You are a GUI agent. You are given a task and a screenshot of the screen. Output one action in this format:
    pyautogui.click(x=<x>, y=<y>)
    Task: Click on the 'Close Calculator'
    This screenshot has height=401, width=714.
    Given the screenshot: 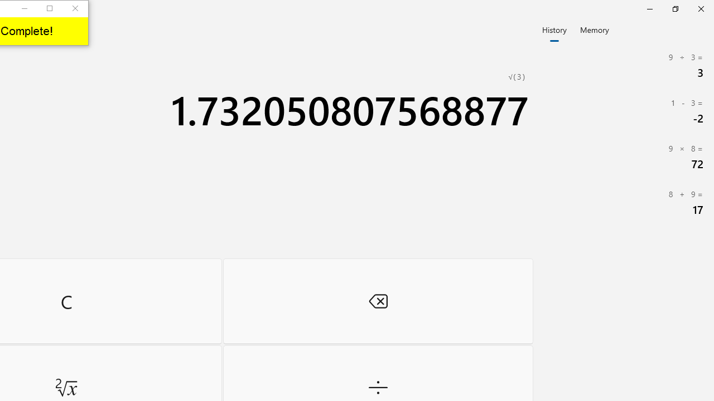 What is the action you would take?
    pyautogui.click(x=700, y=8)
    